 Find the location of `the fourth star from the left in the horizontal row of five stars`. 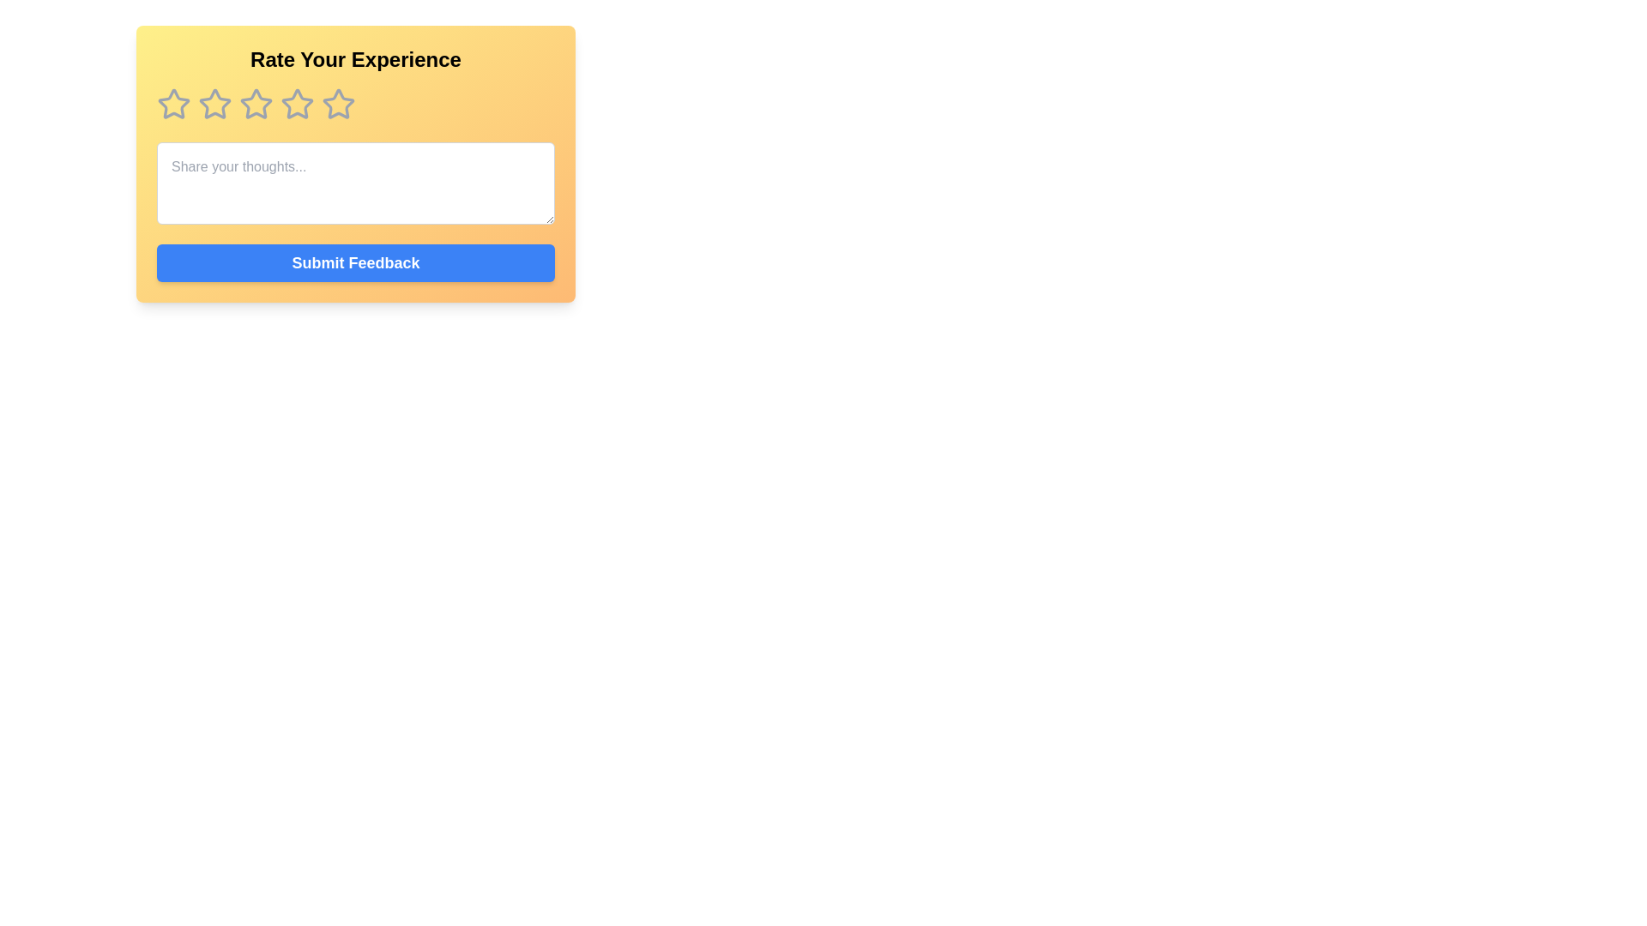

the fourth star from the left in the horizontal row of five stars is located at coordinates (255, 105).